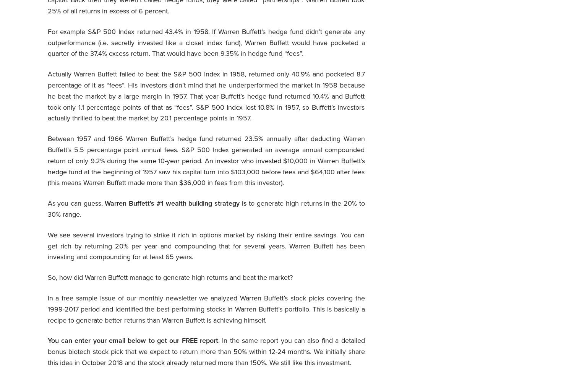 The width and height of the screenshot is (569, 370). I want to click on 'You can enter your email below to get our FREE report', so click(132, 341).